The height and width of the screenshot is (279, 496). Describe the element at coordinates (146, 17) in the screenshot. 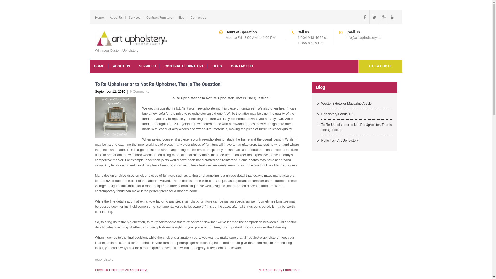

I see `'Contract Furniture'` at that location.